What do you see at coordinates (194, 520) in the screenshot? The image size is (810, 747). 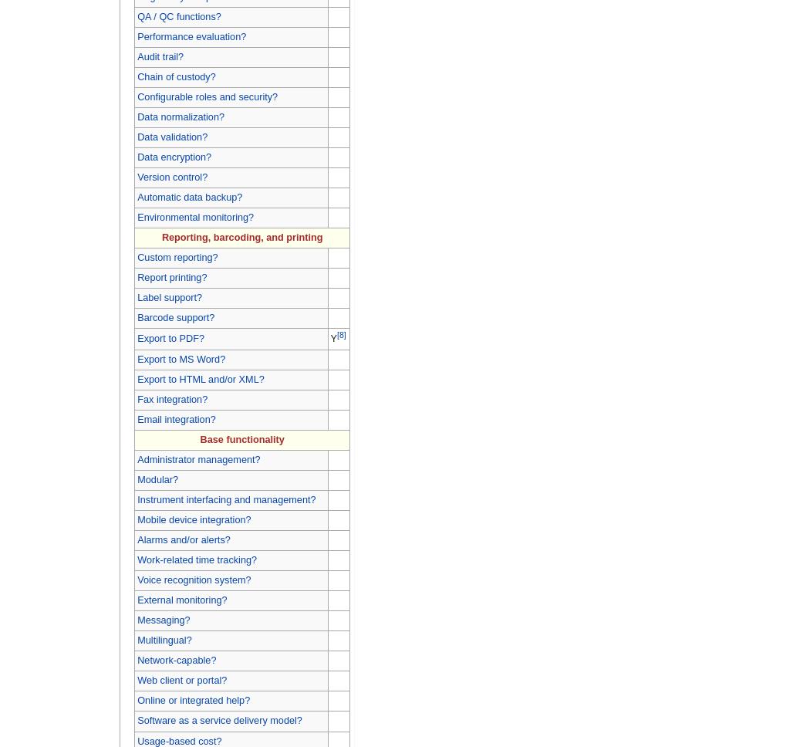 I see `'Mobile device integration?'` at bounding box center [194, 520].